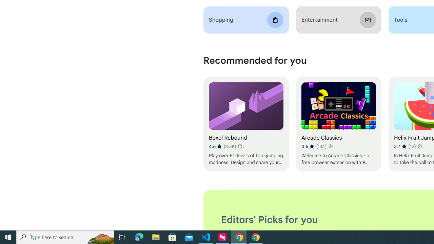 This screenshot has width=434, height=244. What do you see at coordinates (313, 146) in the screenshot?
I see `'Average rating 4.6 out of 5 stars. 134 ratings.'` at bounding box center [313, 146].